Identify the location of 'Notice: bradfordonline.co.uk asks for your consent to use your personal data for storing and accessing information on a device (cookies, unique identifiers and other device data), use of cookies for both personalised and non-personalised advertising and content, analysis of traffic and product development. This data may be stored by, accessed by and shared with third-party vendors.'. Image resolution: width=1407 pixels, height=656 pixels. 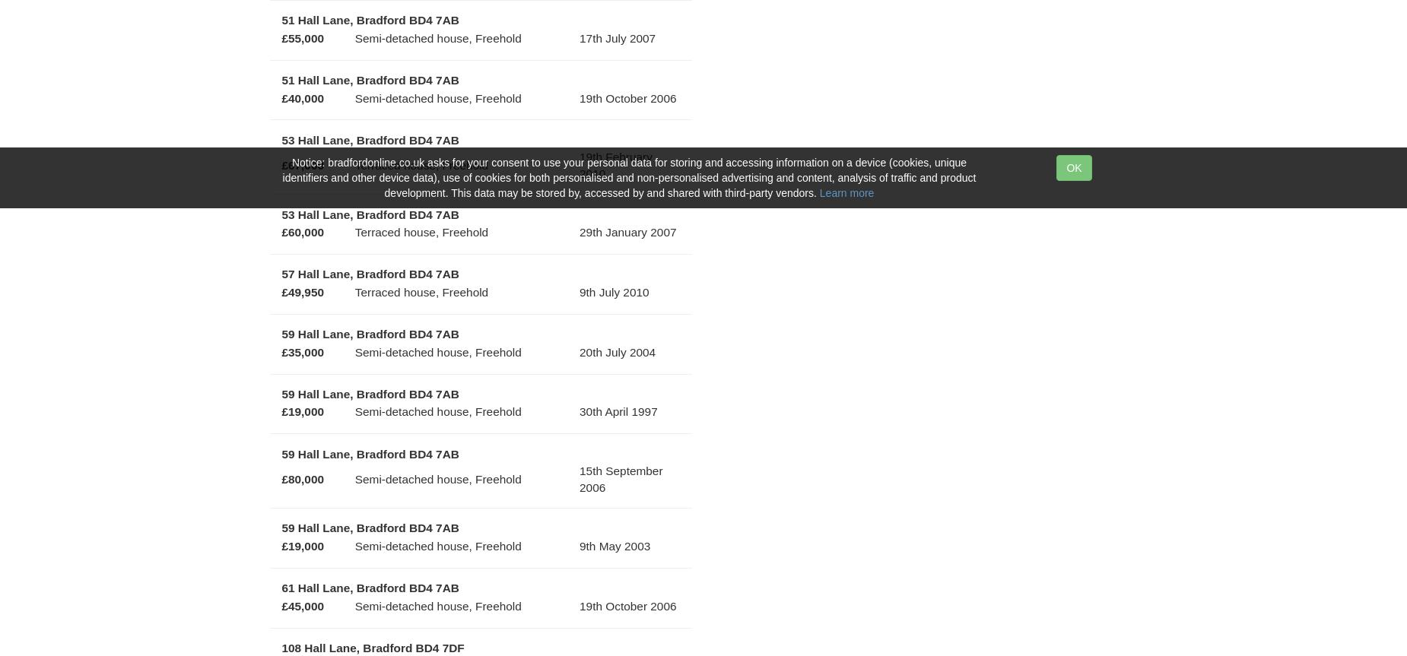
(628, 177).